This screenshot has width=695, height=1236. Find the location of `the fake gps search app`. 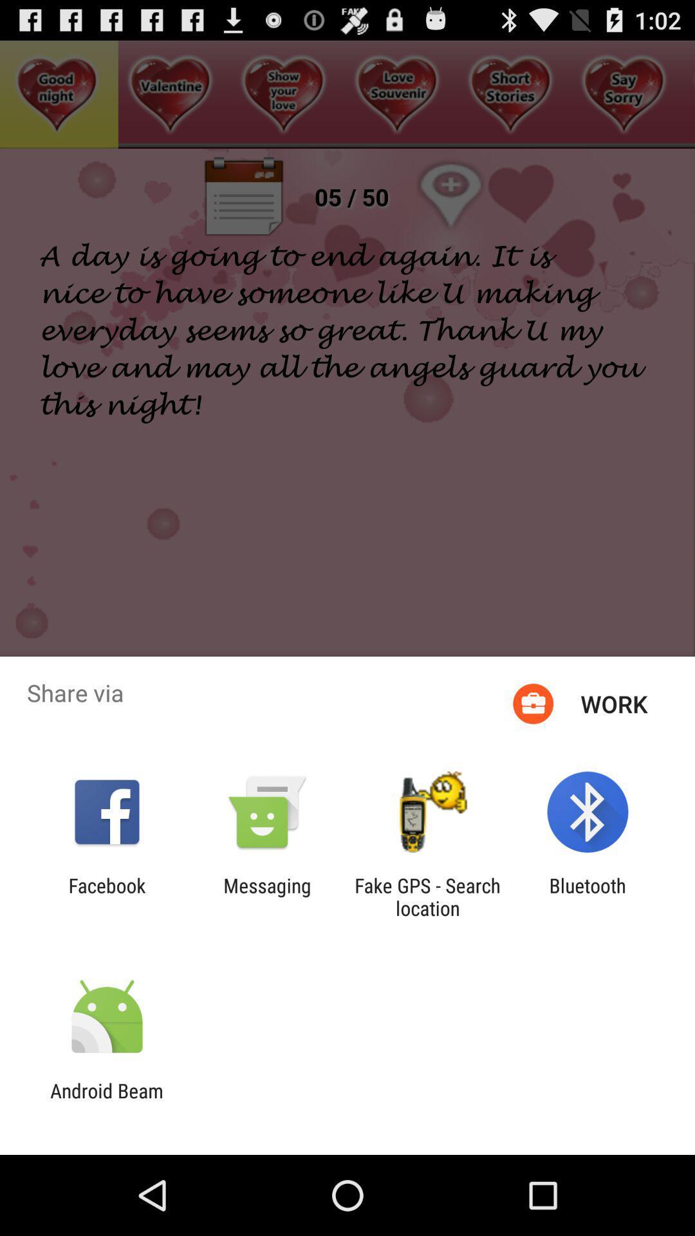

the fake gps search app is located at coordinates (427, 896).